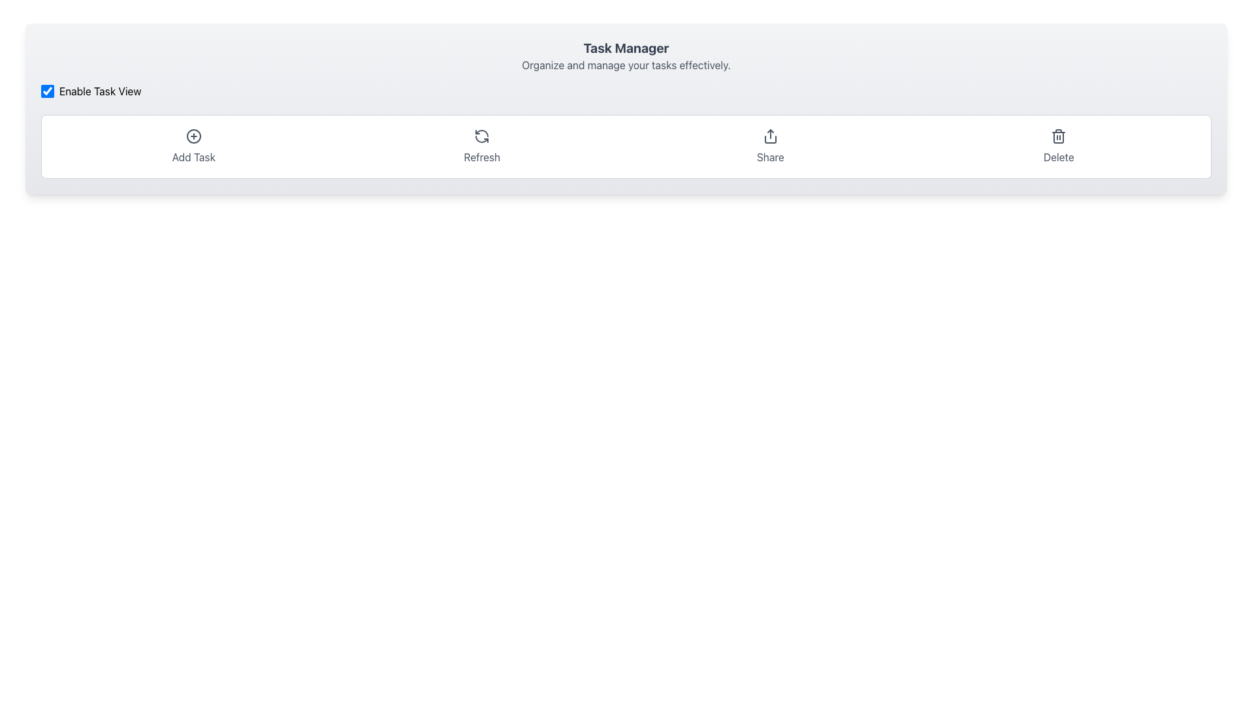 This screenshot has width=1254, height=705. Describe the element at coordinates (193, 136) in the screenshot. I see `the circular SVG element that is part of the 'Add Task' button, which is styled with a thin outline and no fill color, positioned symmetrically within the button` at that location.